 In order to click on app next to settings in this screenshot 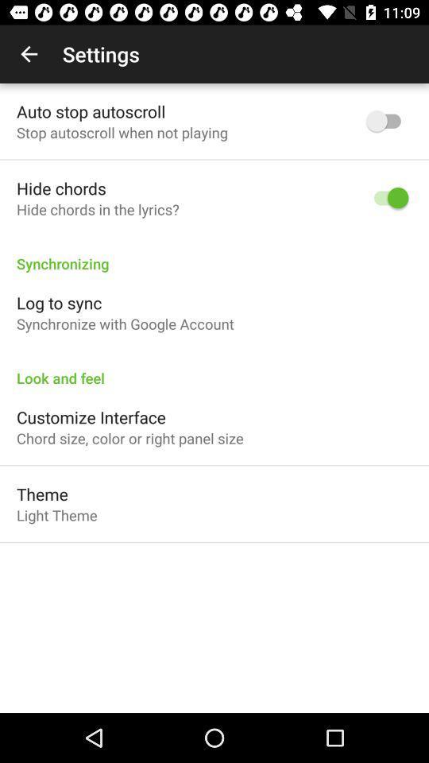, I will do `click(29, 54)`.